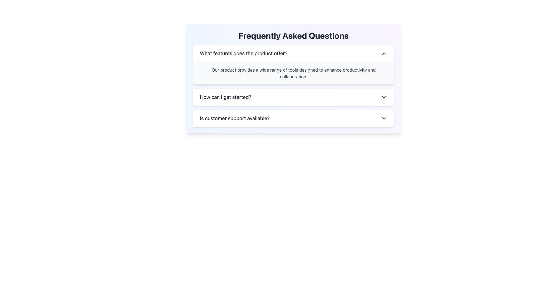  Describe the element at coordinates (384, 118) in the screenshot. I see `the Chevron Icon that toggles the FAQ section about customer support availability` at that location.